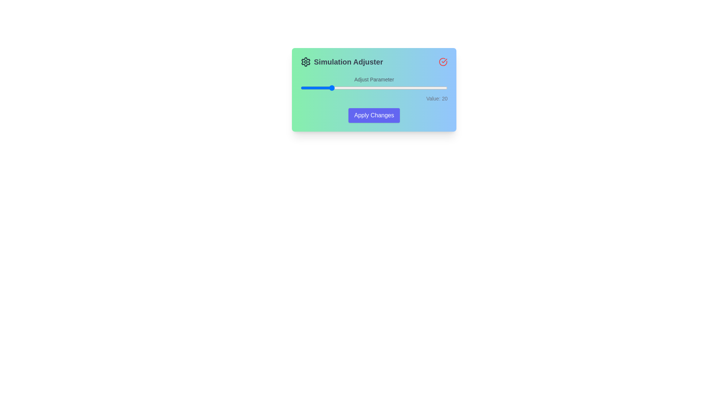 This screenshot has height=396, width=705. I want to click on the slider to set its value to 49, so click(372, 87).